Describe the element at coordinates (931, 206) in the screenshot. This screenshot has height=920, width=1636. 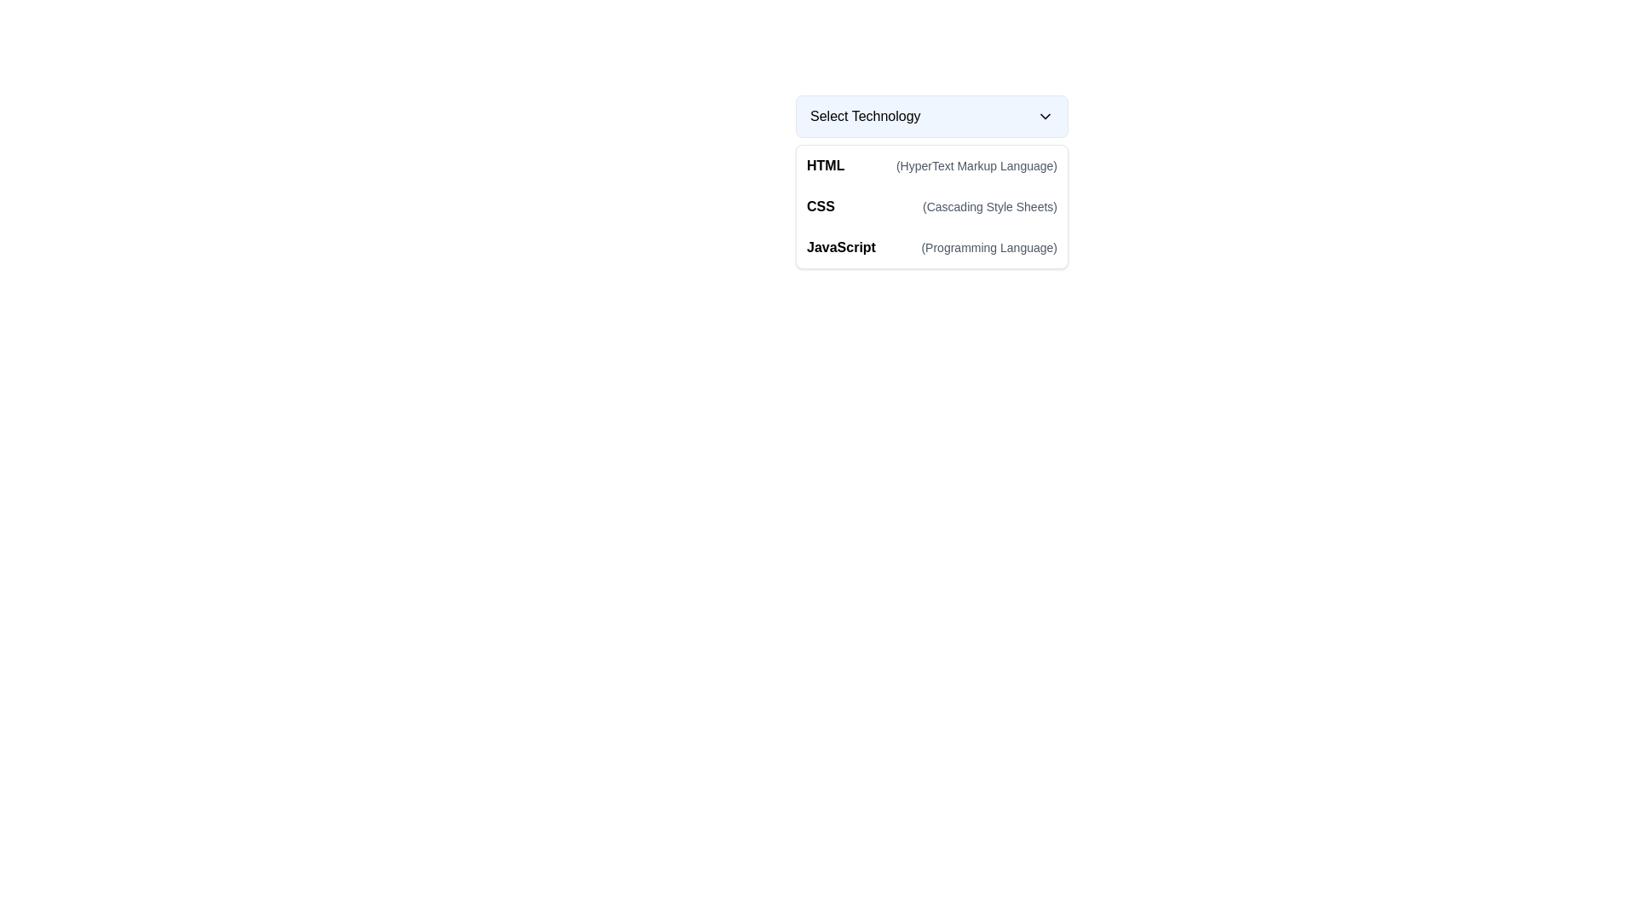
I see `the options in the dropdown menu that appears under the 'Select Technology' button` at that location.